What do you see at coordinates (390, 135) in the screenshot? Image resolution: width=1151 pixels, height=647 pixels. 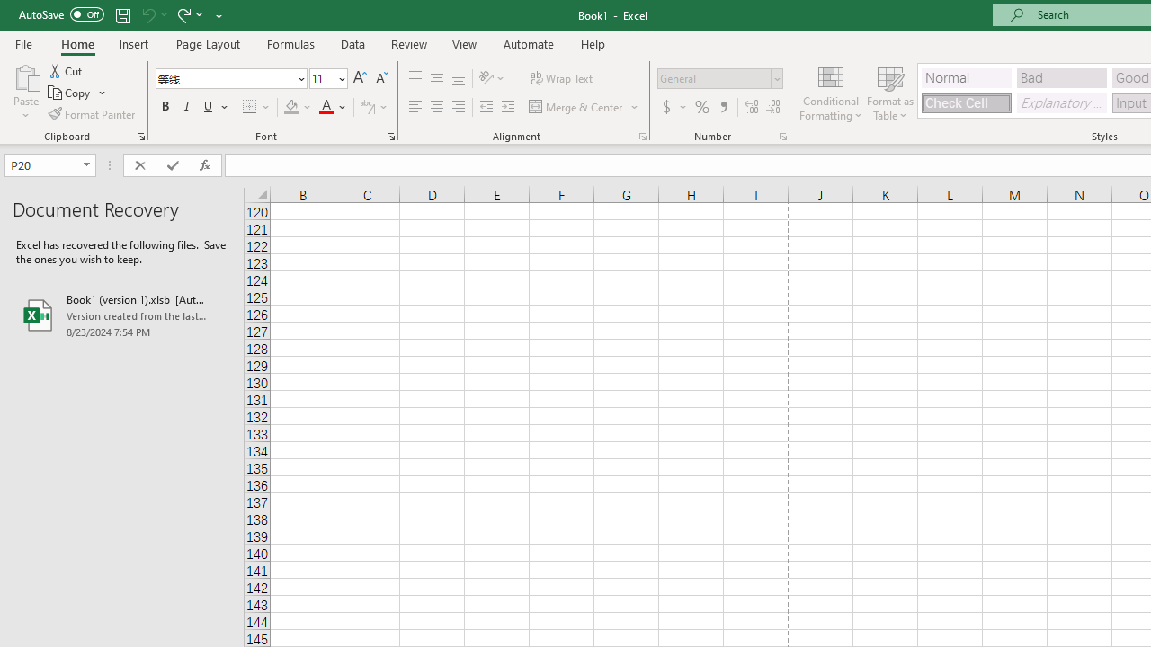 I see `'Format Cell Font'` at bounding box center [390, 135].